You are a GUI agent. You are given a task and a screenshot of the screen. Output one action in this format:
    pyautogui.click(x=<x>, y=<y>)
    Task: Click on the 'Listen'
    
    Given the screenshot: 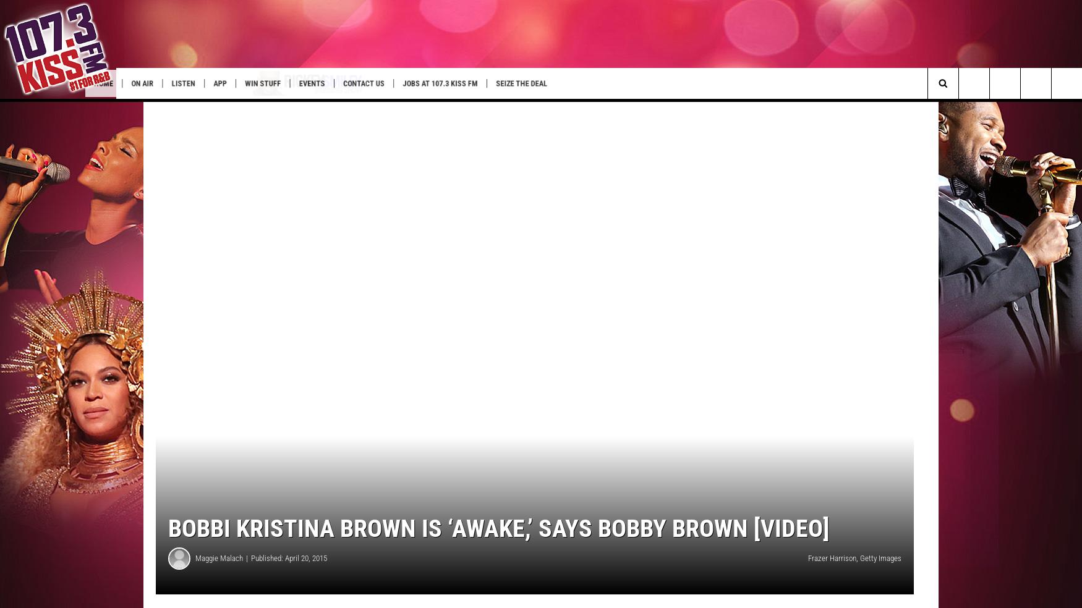 What is the action you would take?
    pyautogui.click(x=226, y=83)
    